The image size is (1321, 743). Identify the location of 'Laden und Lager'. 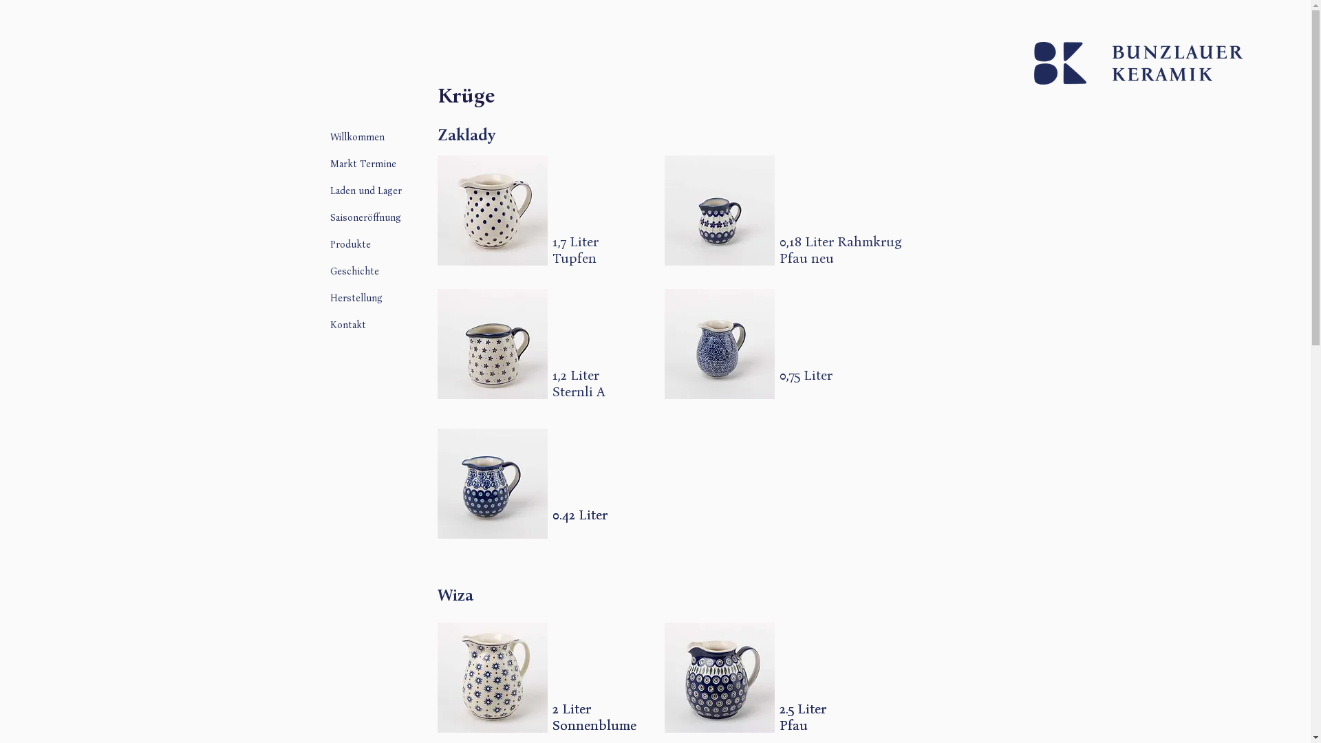
(401, 190).